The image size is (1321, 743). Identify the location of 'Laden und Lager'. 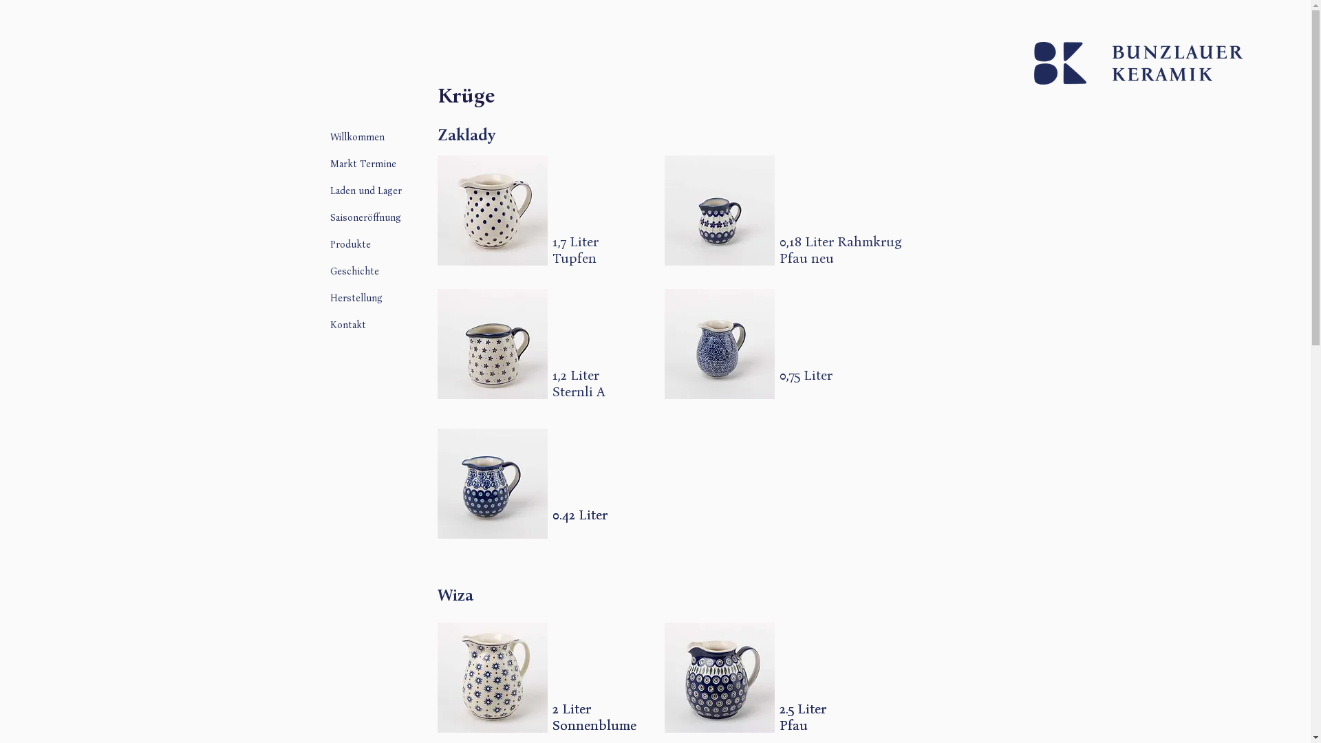
(401, 190).